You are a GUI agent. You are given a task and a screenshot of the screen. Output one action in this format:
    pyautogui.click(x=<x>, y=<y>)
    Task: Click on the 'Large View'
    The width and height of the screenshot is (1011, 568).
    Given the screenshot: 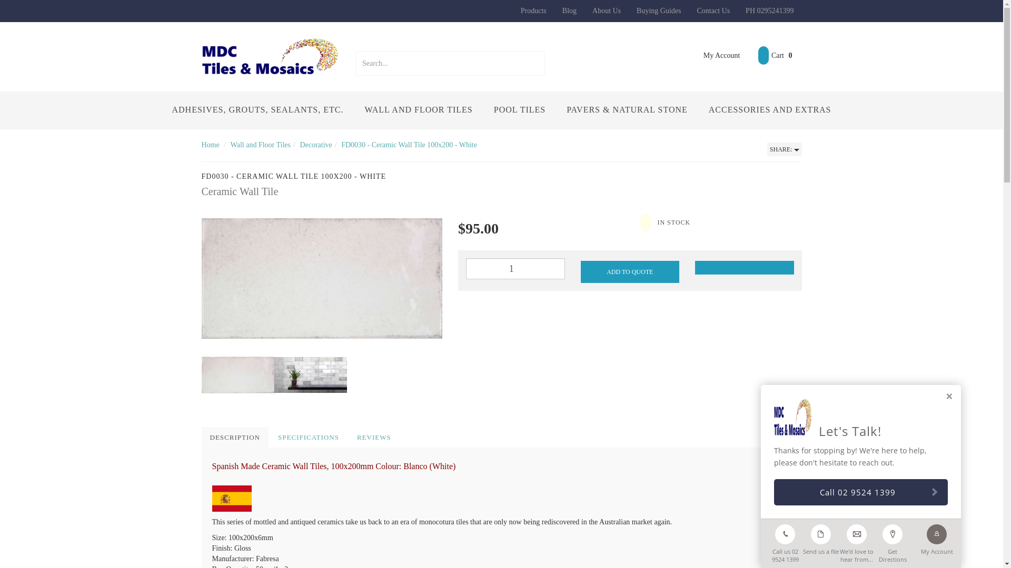 What is the action you would take?
    pyautogui.click(x=273, y=374)
    